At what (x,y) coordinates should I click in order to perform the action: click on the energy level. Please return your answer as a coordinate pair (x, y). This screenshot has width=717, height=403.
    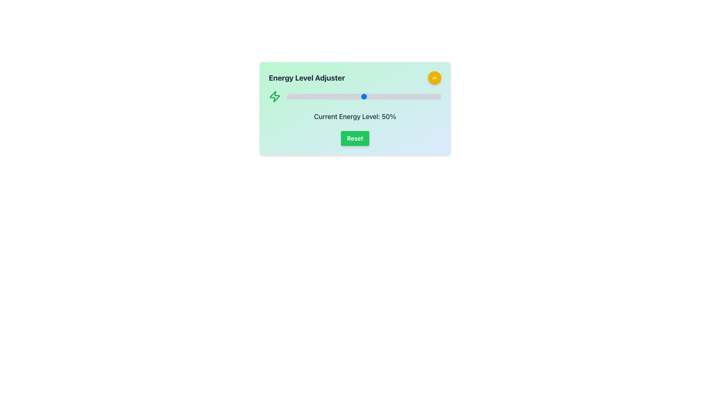
    Looking at the image, I should click on (289, 96).